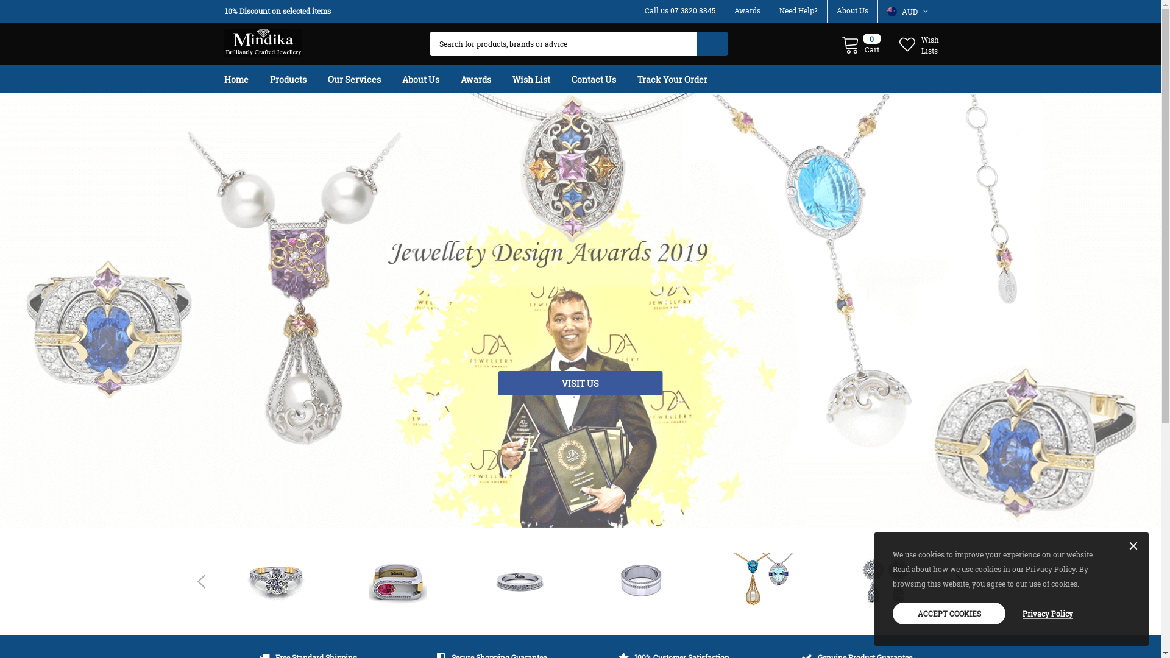 Image resolution: width=1170 pixels, height=658 pixels. Describe the element at coordinates (484, 79) in the screenshot. I see `'Awards'` at that location.